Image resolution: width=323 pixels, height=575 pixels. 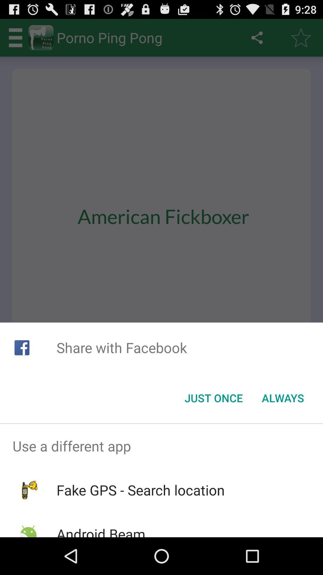 I want to click on icon below the share with facebook, so click(x=283, y=398).